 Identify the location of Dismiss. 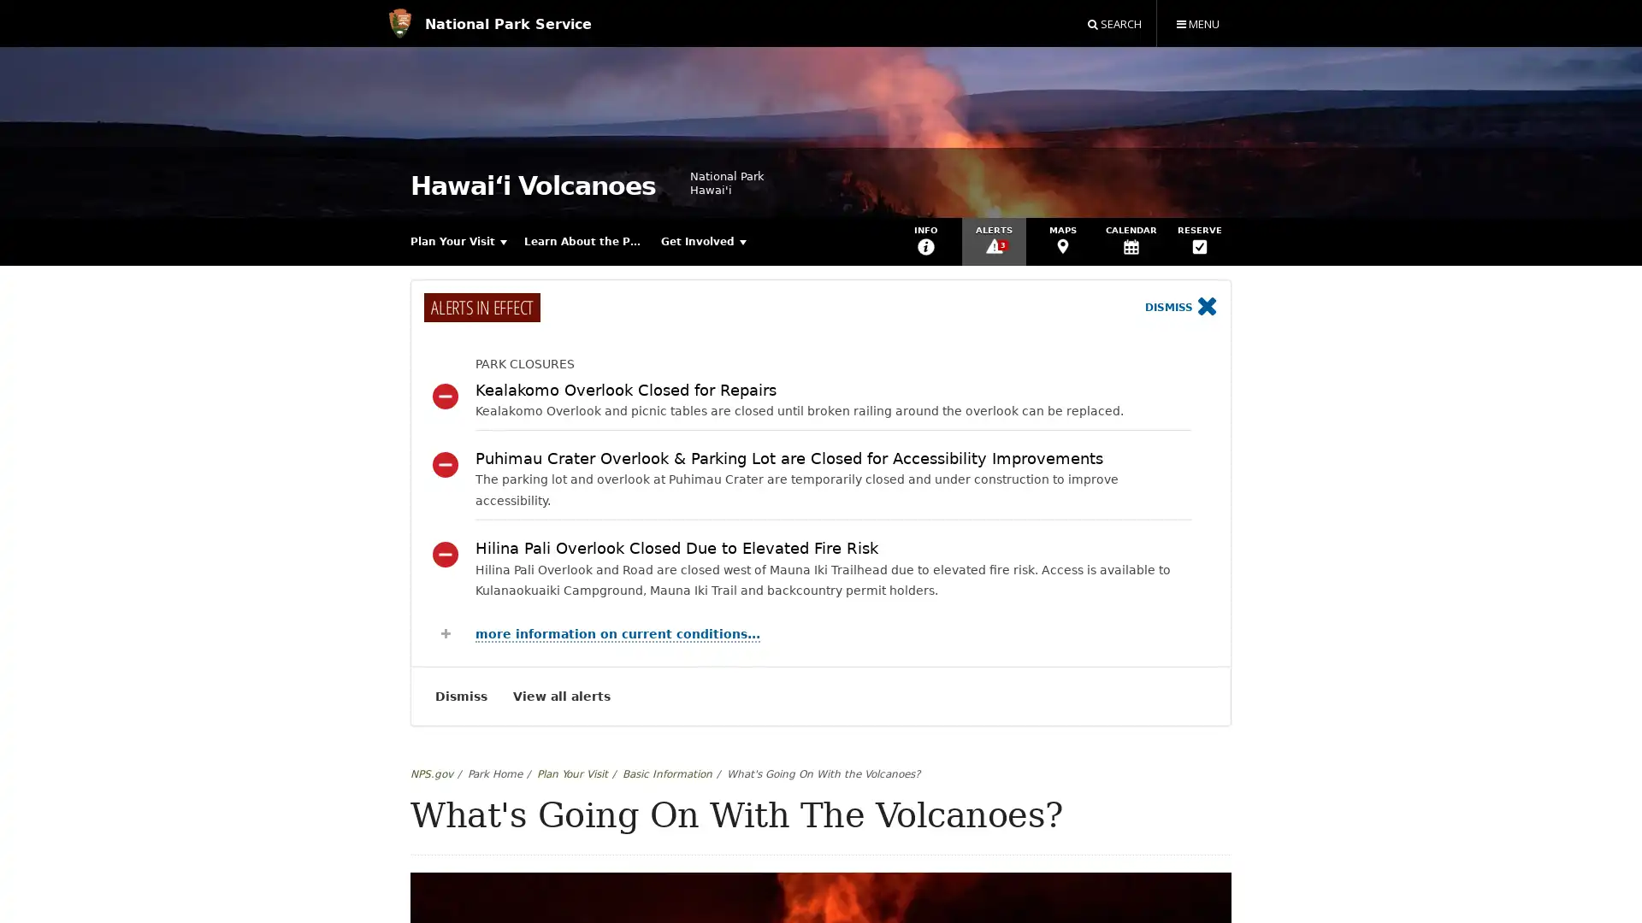
(1180, 308).